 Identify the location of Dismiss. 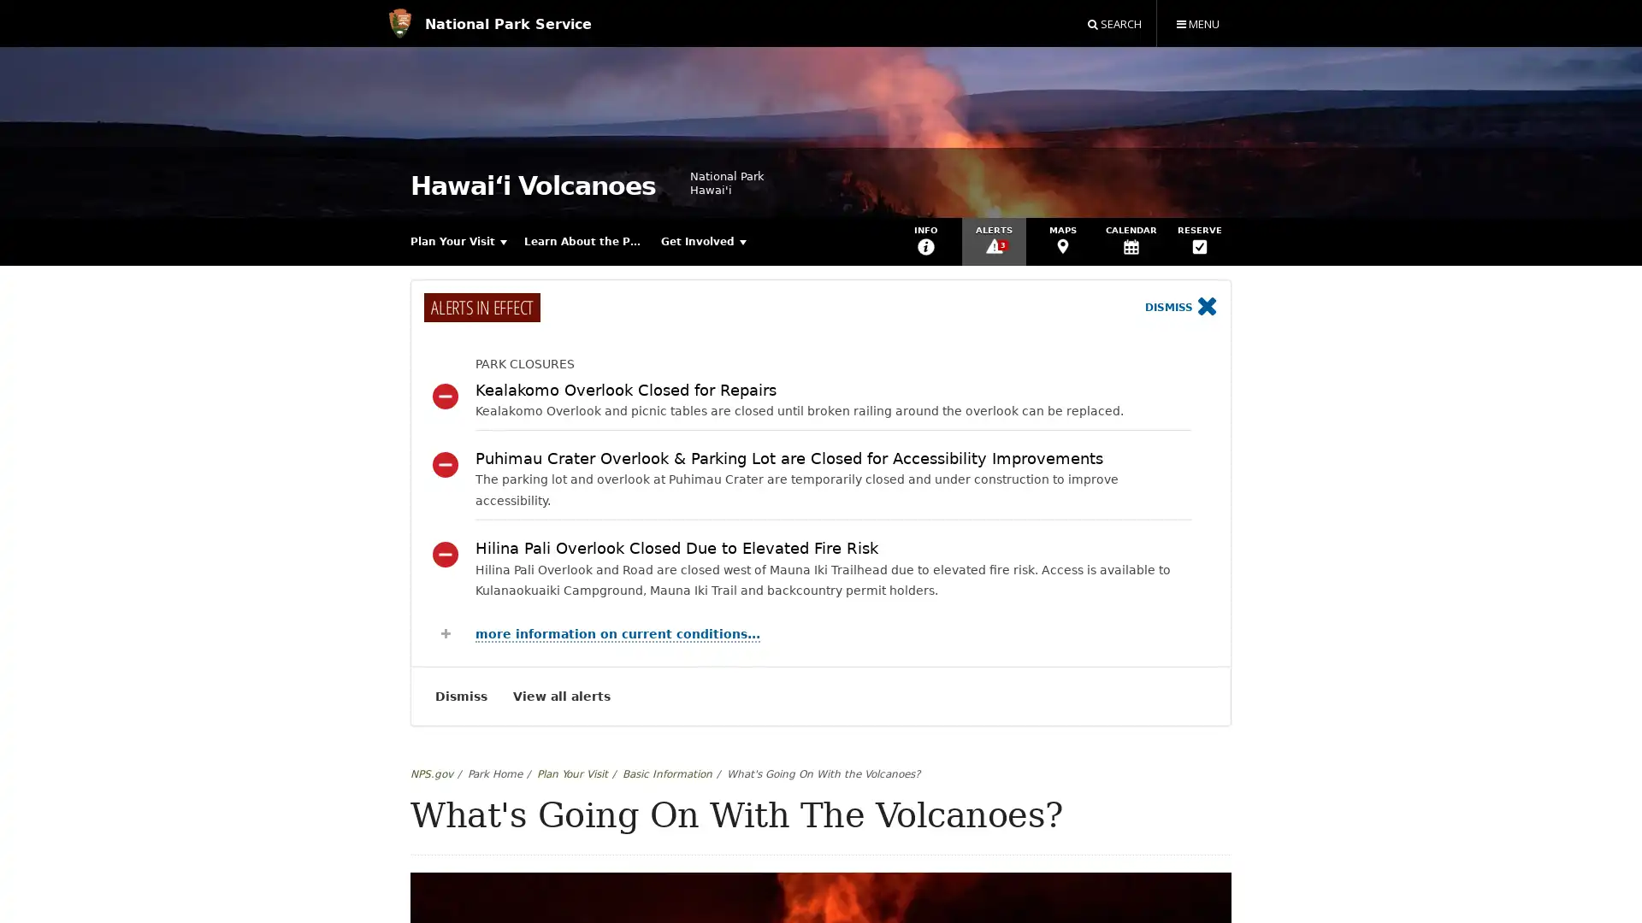
(1180, 308).